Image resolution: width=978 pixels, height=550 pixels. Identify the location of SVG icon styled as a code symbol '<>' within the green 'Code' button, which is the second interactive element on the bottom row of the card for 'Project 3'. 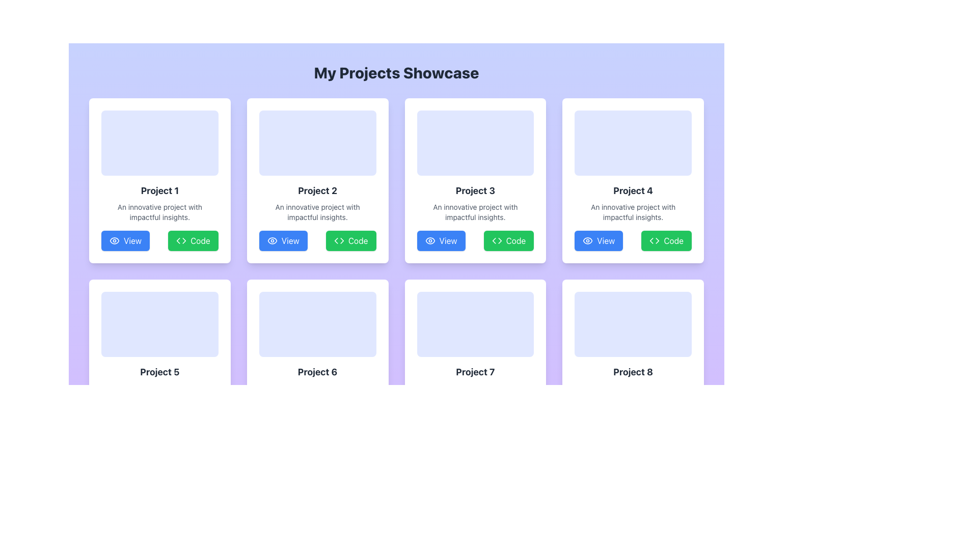
(497, 241).